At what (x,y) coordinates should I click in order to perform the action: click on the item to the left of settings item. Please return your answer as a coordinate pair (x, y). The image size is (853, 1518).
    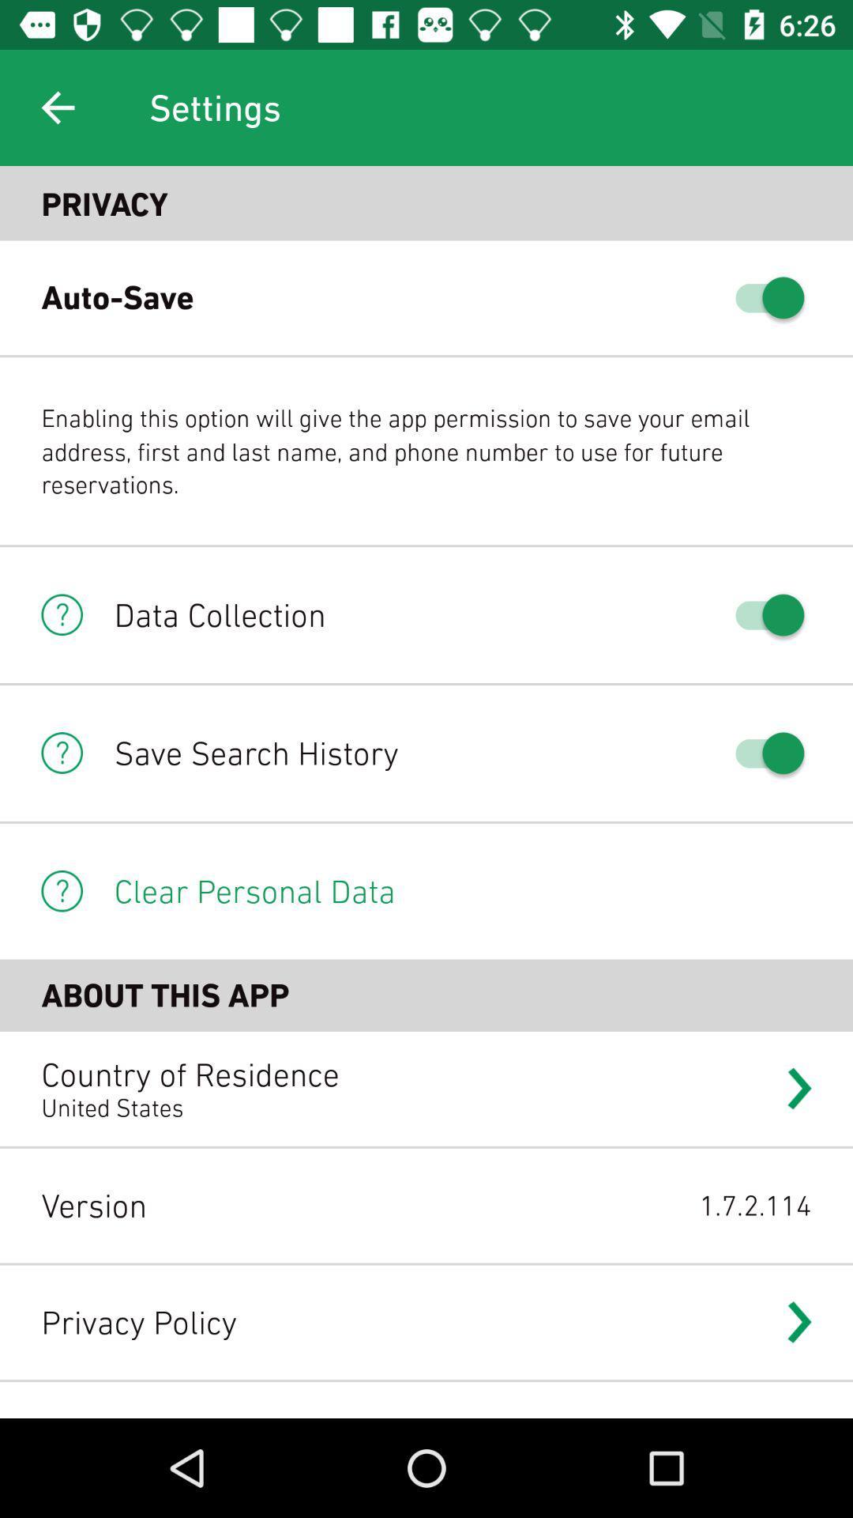
    Looking at the image, I should click on (57, 107).